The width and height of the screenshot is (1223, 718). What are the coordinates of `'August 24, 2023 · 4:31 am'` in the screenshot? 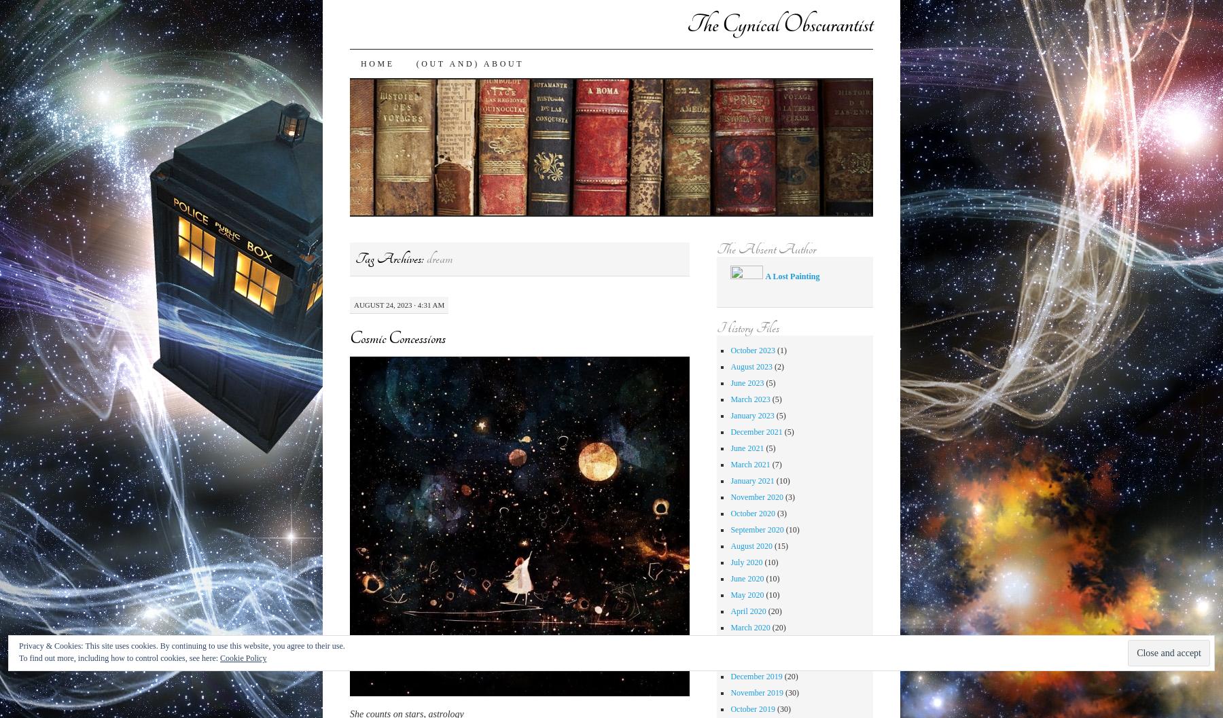 It's located at (398, 303).